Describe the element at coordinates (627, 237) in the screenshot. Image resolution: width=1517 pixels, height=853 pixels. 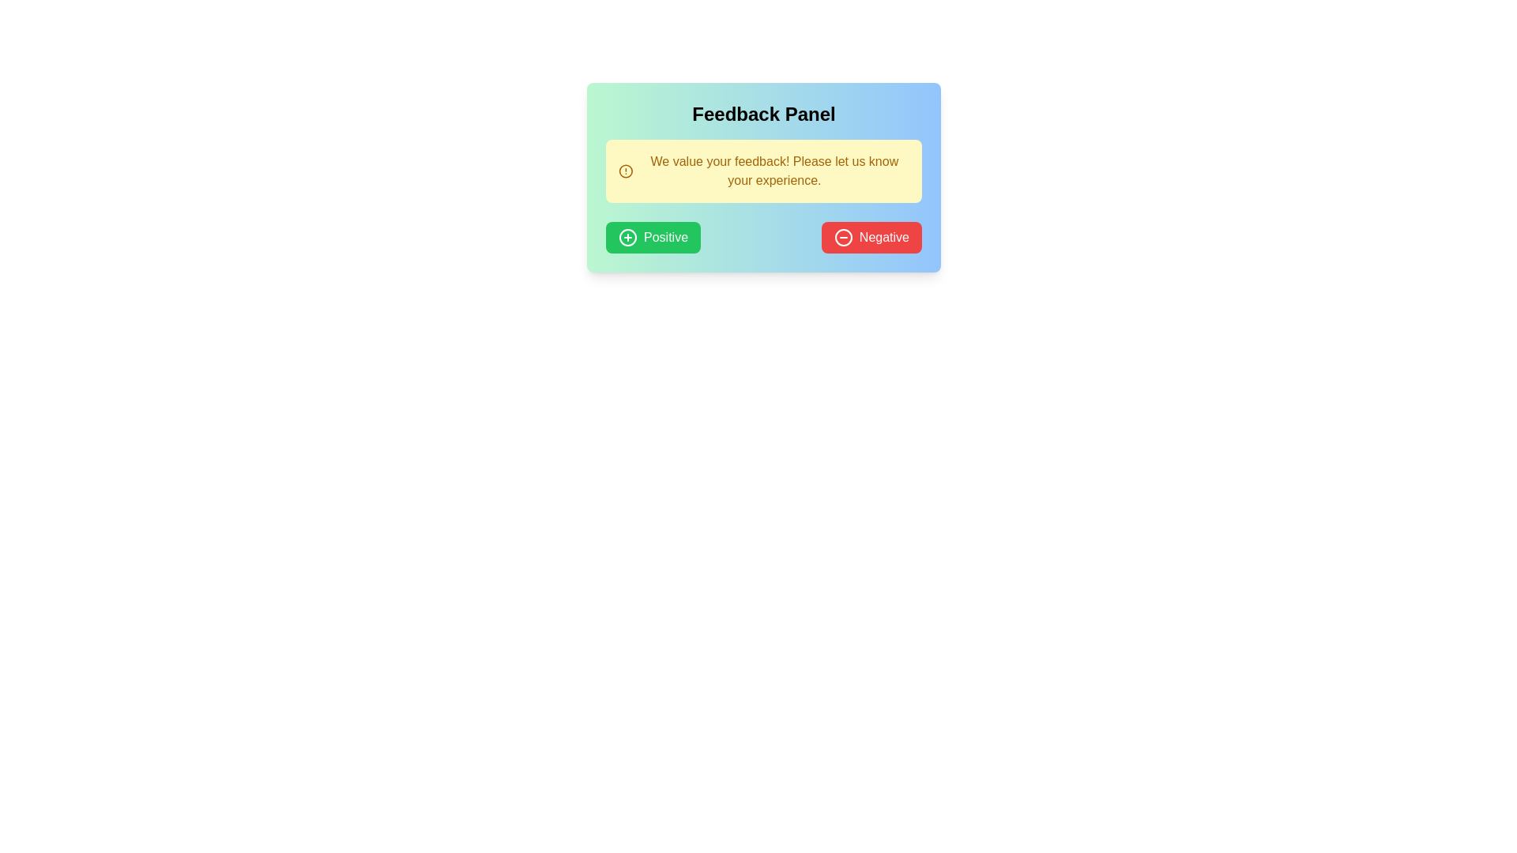
I see `the hollow circular shape with a visible stroke that is part of the graphical icon located to the left of the 'Positive' button` at that location.